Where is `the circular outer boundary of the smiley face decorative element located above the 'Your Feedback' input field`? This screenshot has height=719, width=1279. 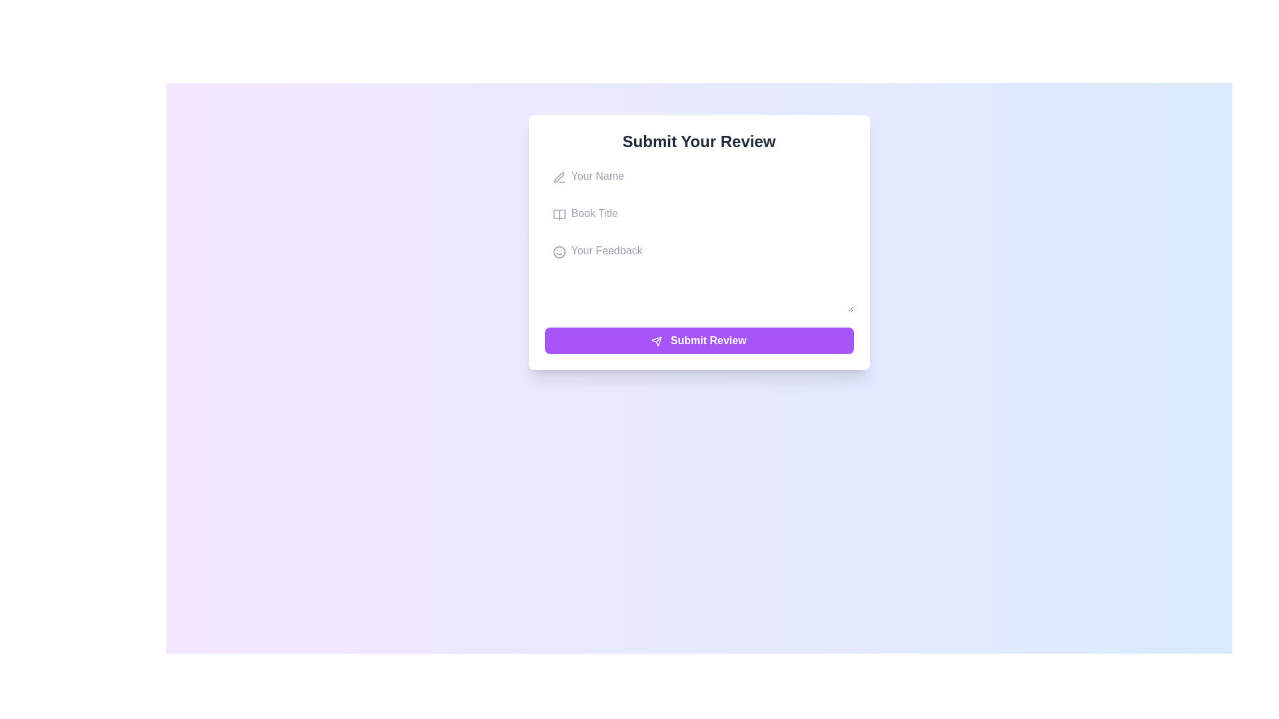
the circular outer boundary of the smiley face decorative element located above the 'Your Feedback' input field is located at coordinates (559, 252).